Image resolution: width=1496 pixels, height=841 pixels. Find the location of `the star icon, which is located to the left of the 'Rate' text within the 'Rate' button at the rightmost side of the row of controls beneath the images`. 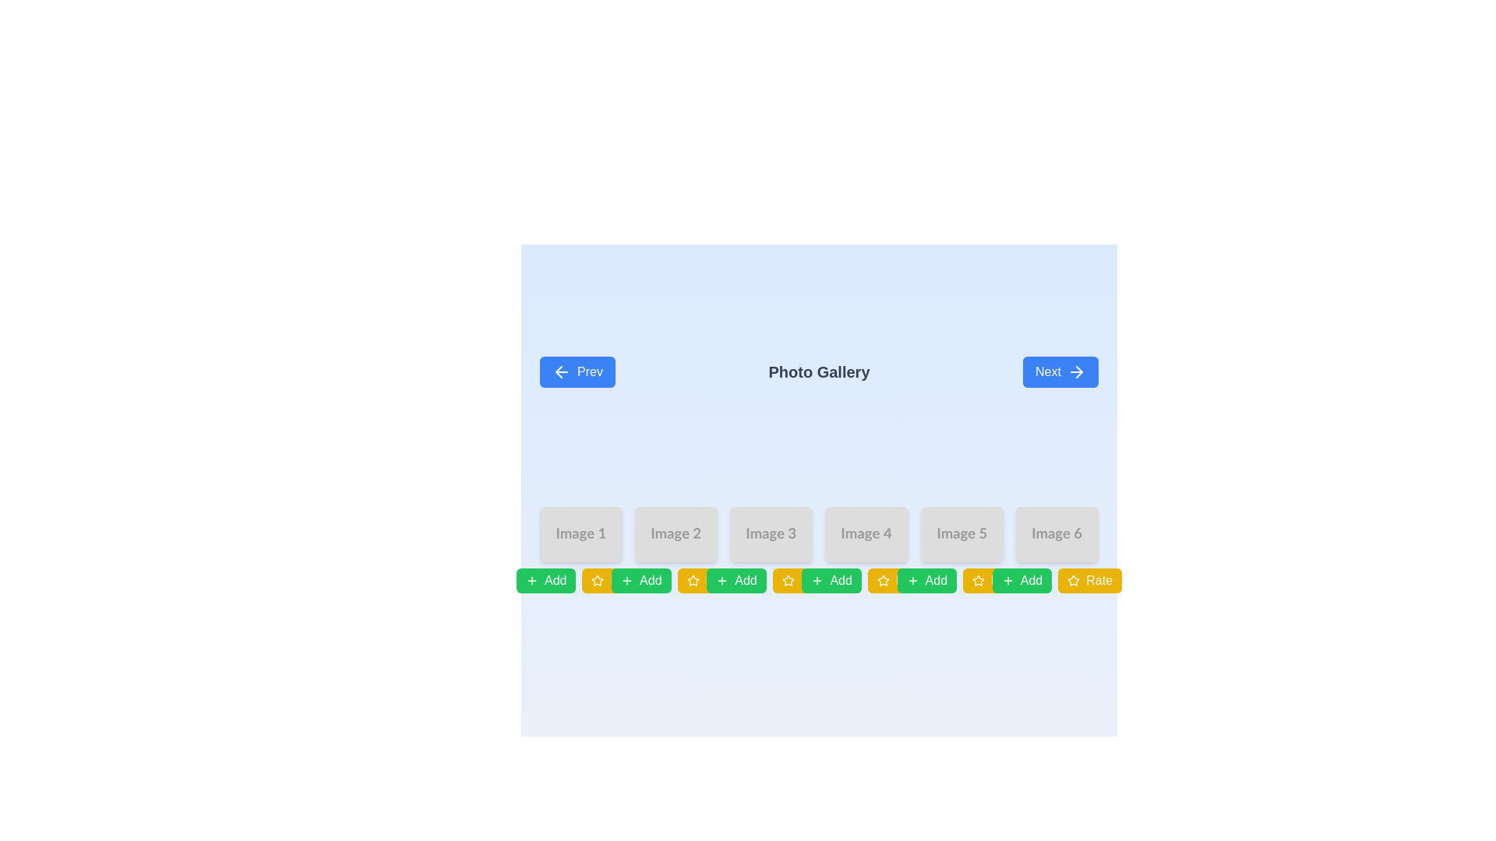

the star icon, which is located to the left of the 'Rate' text within the 'Rate' button at the rightmost side of the row of controls beneath the images is located at coordinates (978, 580).